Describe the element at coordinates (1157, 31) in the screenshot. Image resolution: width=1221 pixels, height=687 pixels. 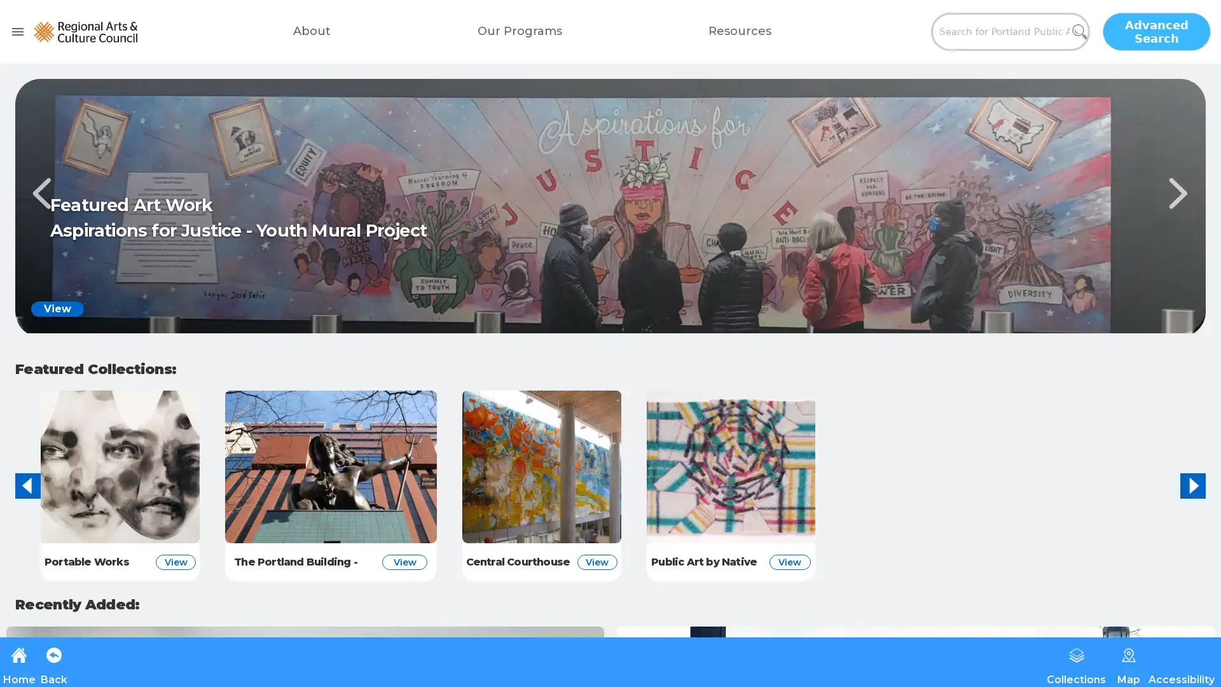
I see `Advanced Search` at that location.